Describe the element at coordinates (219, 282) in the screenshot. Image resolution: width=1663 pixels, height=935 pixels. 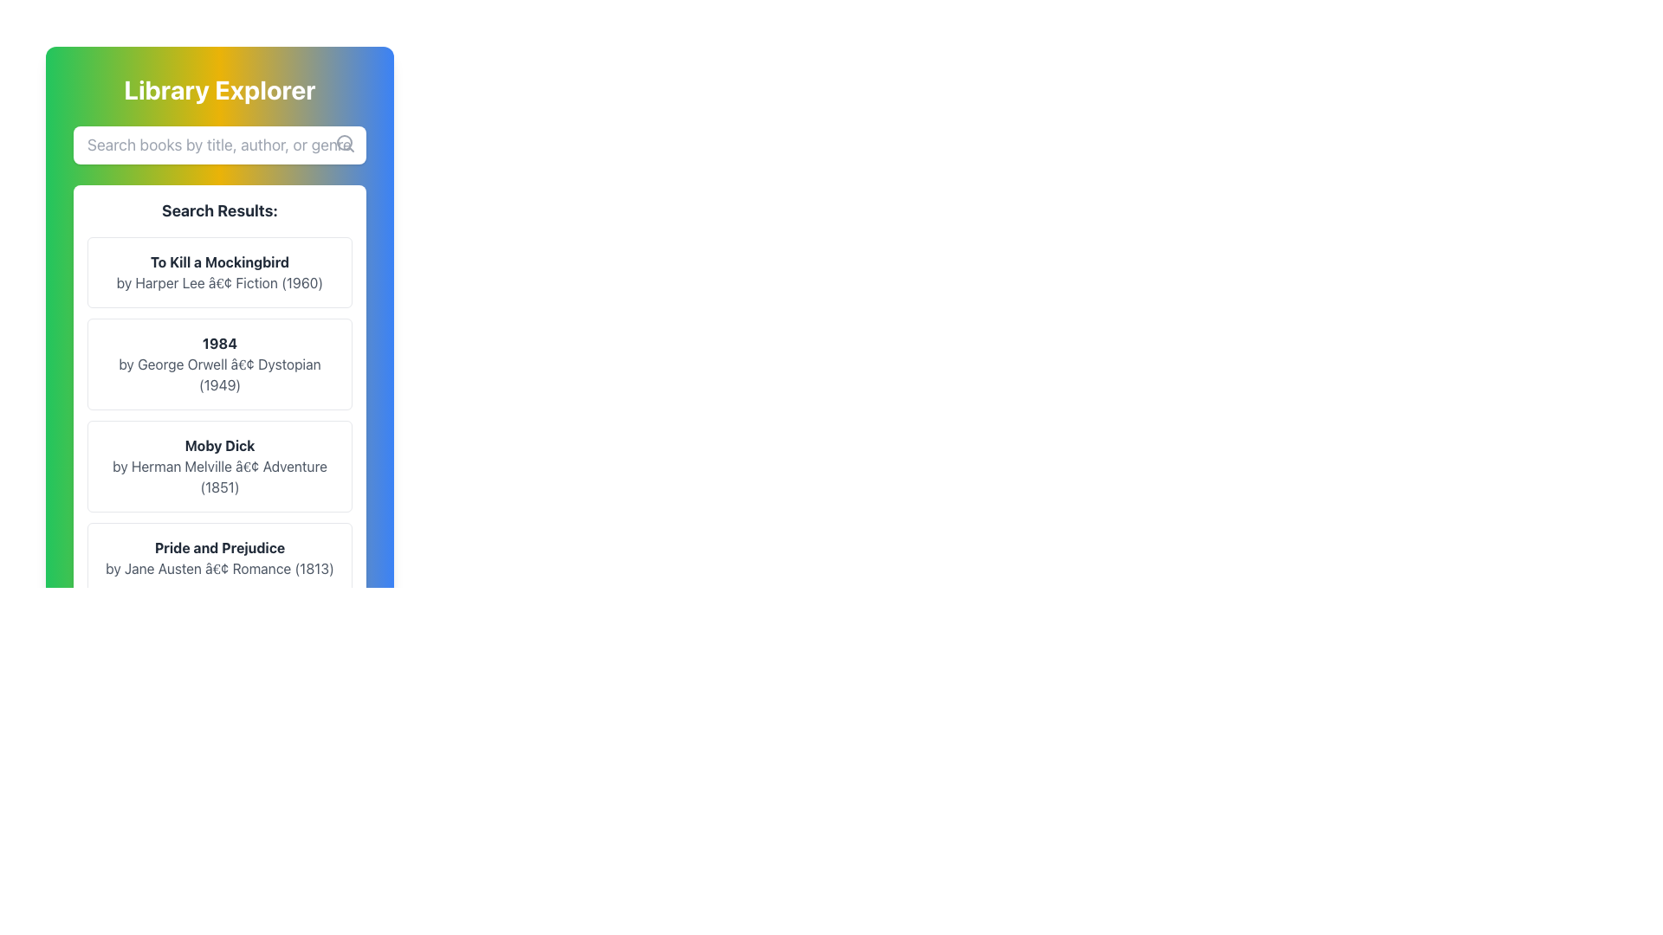
I see `the descriptive text about the book 'To Kill a Mockingbird' located in the first item of the search results list, positioned directly below the title` at that location.